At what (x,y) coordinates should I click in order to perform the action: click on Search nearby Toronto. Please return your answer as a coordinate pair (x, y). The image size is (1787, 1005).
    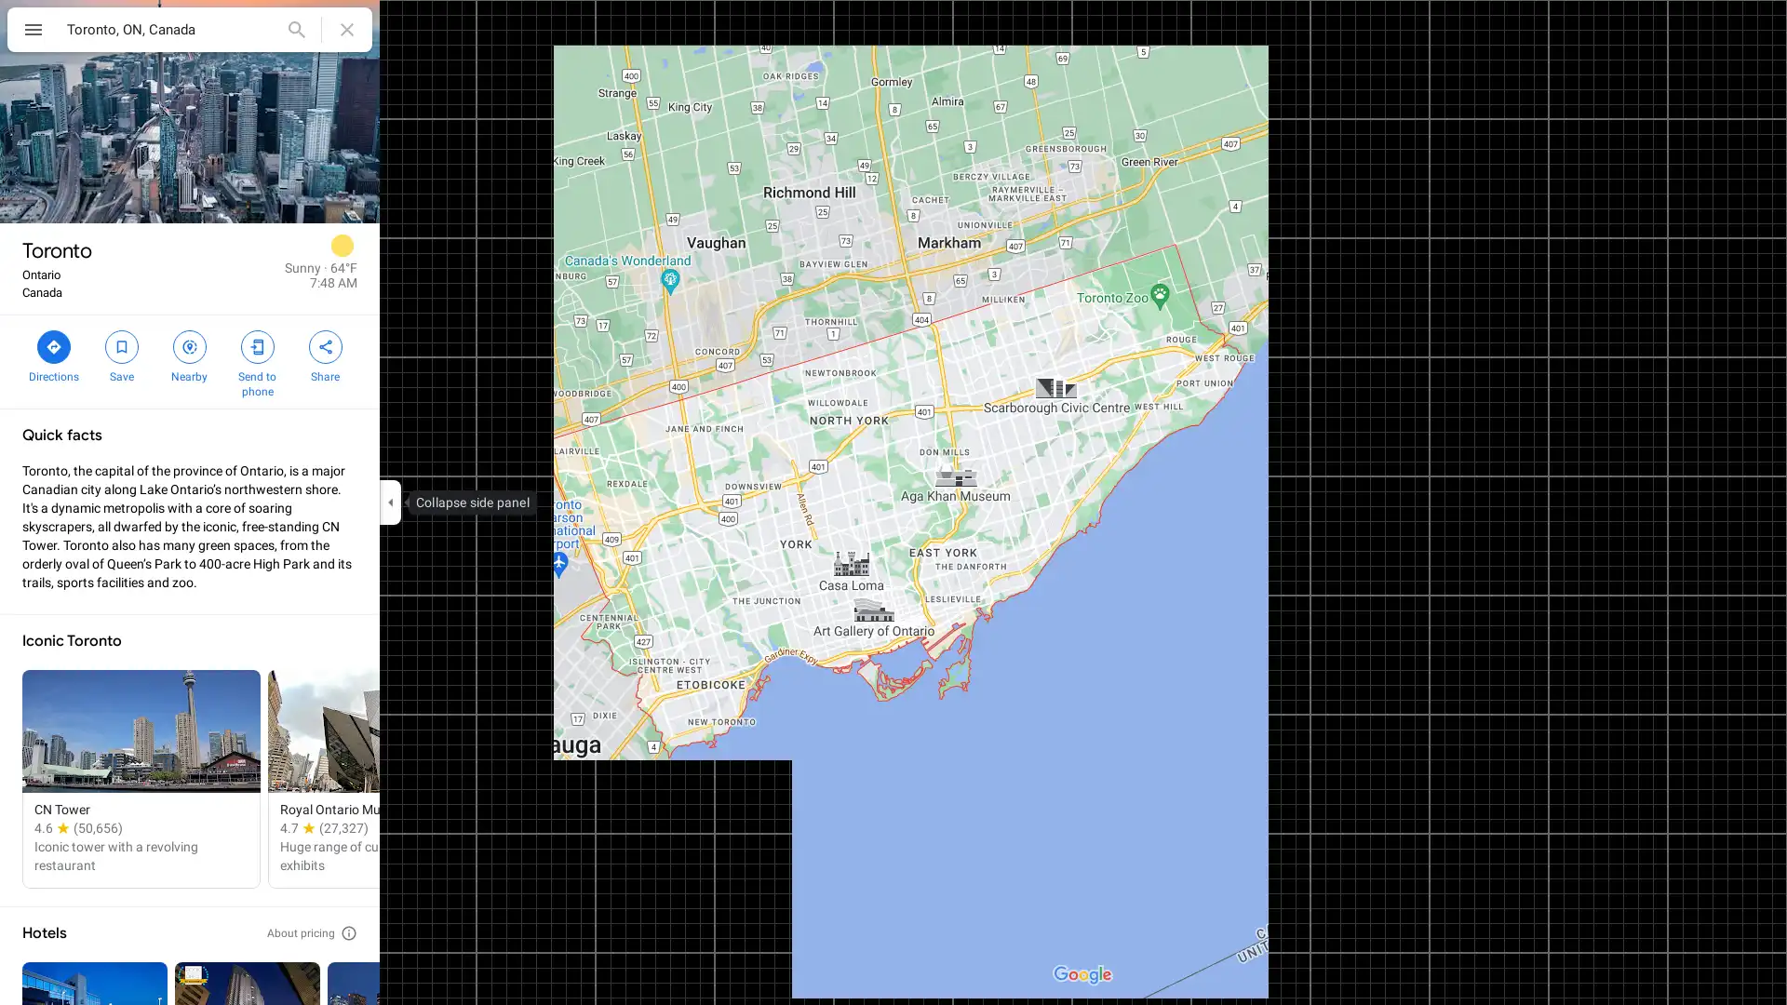
    Looking at the image, I should click on (189, 355).